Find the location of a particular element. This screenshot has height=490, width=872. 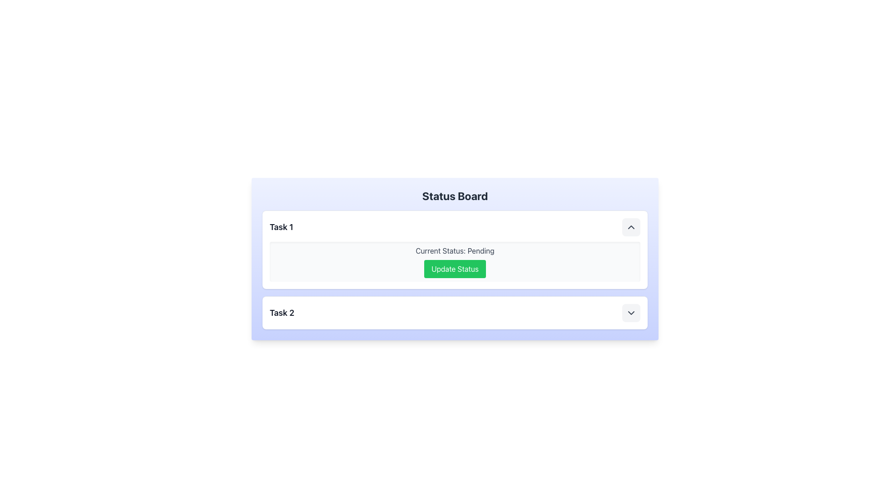

the button that updates the status of Task 1, located within the box titled 'Task 1', below 'Current Status: Pending' is located at coordinates (455, 269).